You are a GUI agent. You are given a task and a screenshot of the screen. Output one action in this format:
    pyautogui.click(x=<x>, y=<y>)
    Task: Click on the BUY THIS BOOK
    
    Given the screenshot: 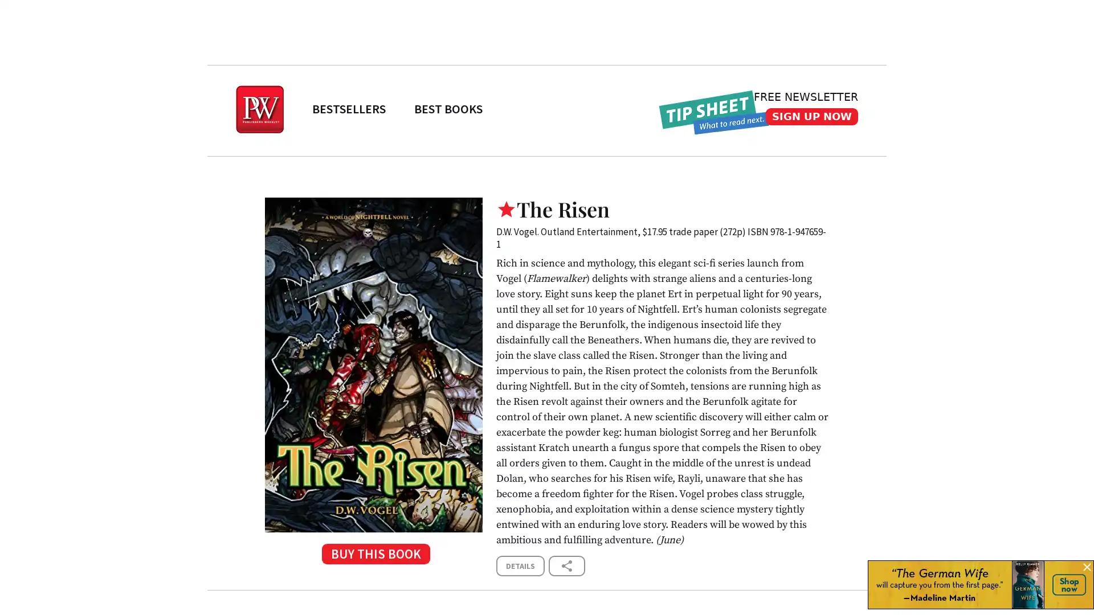 What is the action you would take?
    pyautogui.click(x=373, y=557)
    